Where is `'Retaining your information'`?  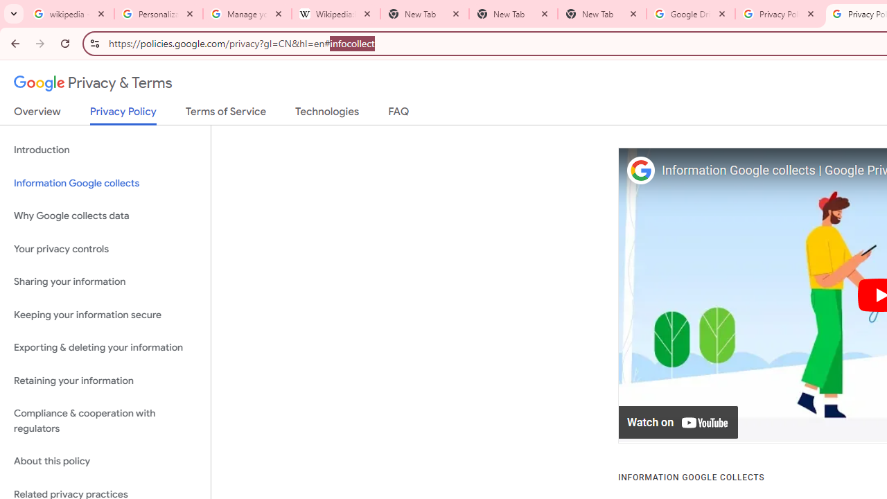 'Retaining your information' is located at coordinates (105, 380).